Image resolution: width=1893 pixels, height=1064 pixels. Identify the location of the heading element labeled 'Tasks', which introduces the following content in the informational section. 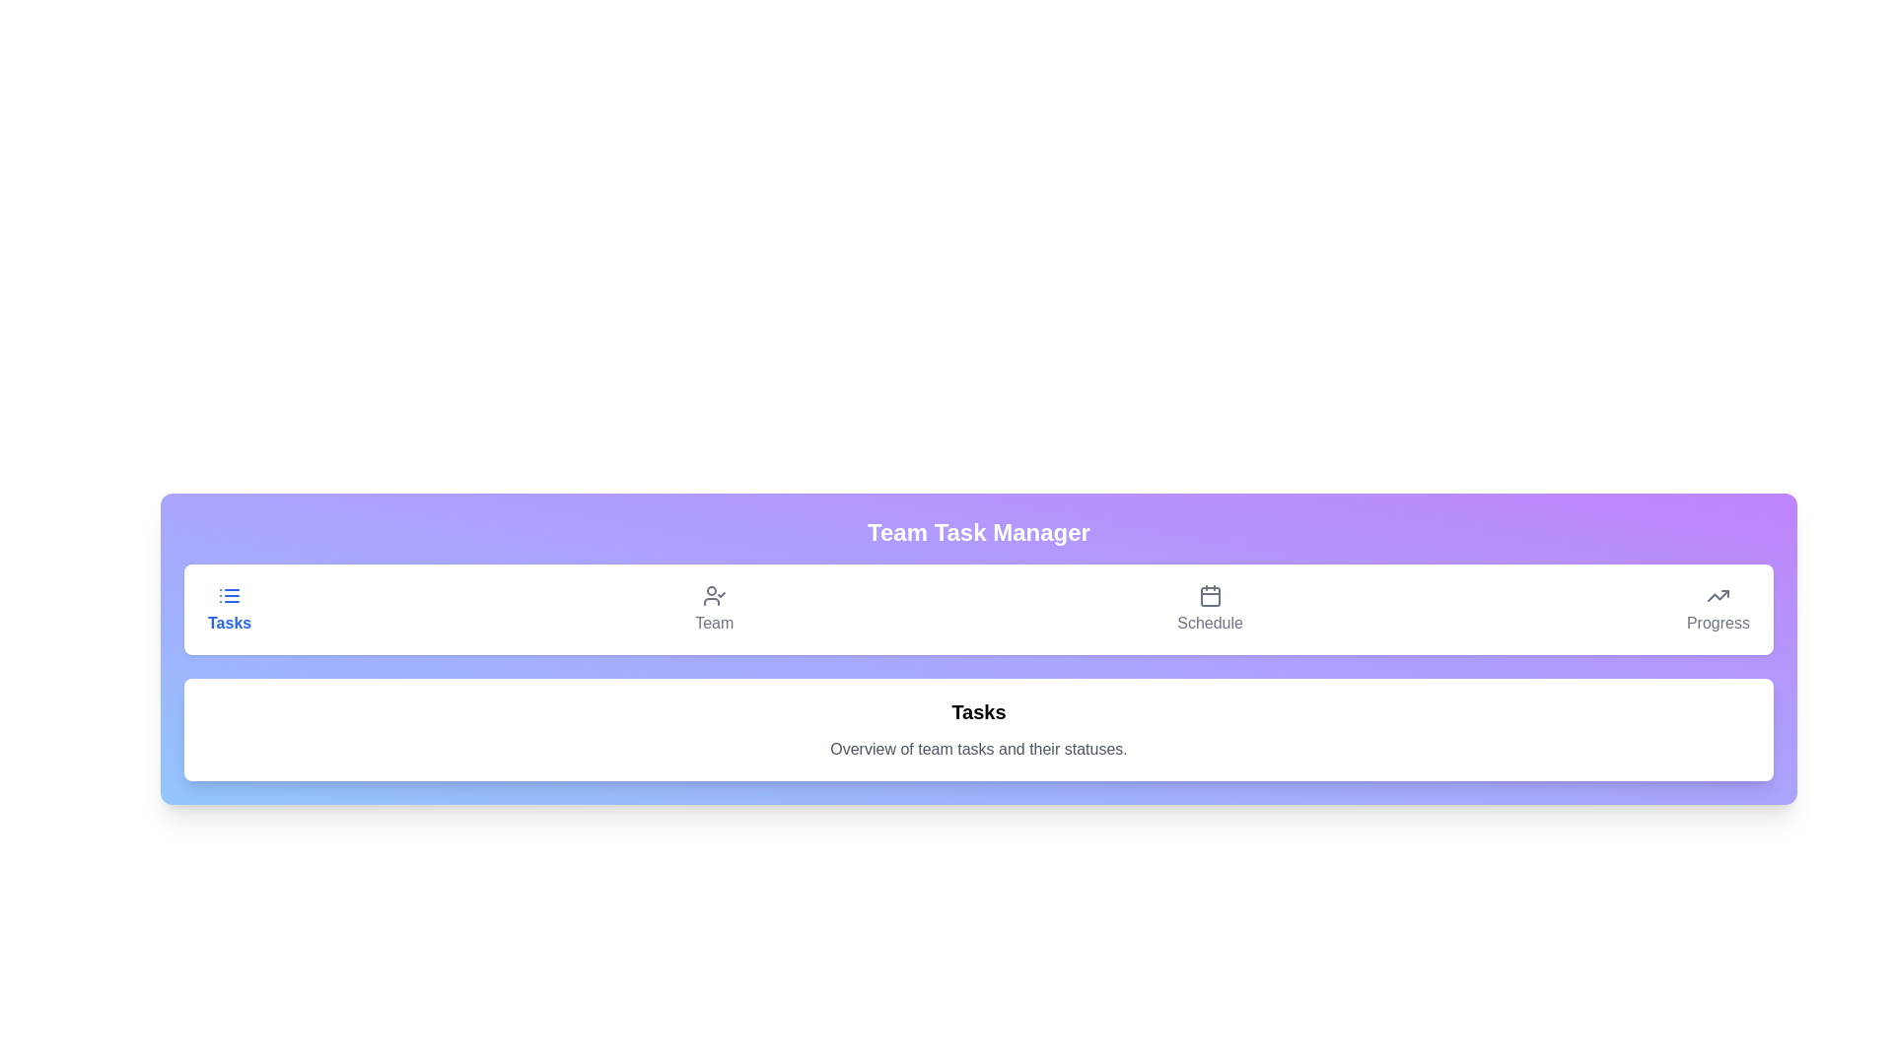
(979, 711).